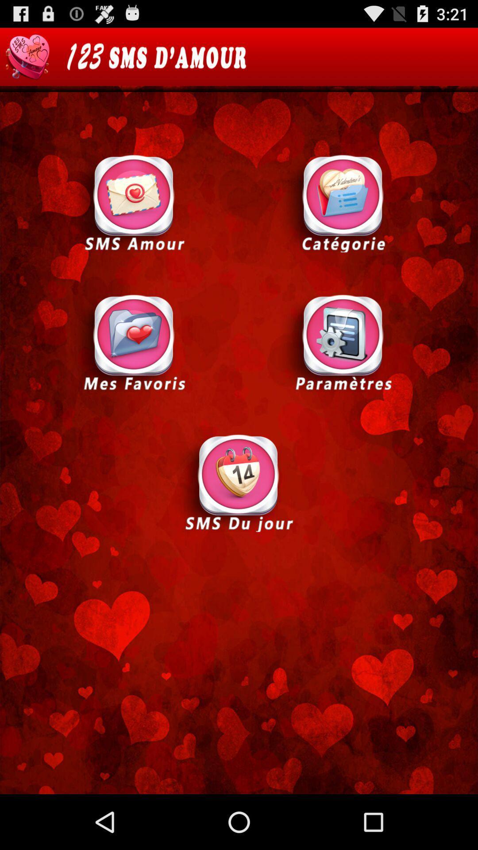 Image resolution: width=478 pixels, height=850 pixels. I want to click on send sms, so click(238, 482).